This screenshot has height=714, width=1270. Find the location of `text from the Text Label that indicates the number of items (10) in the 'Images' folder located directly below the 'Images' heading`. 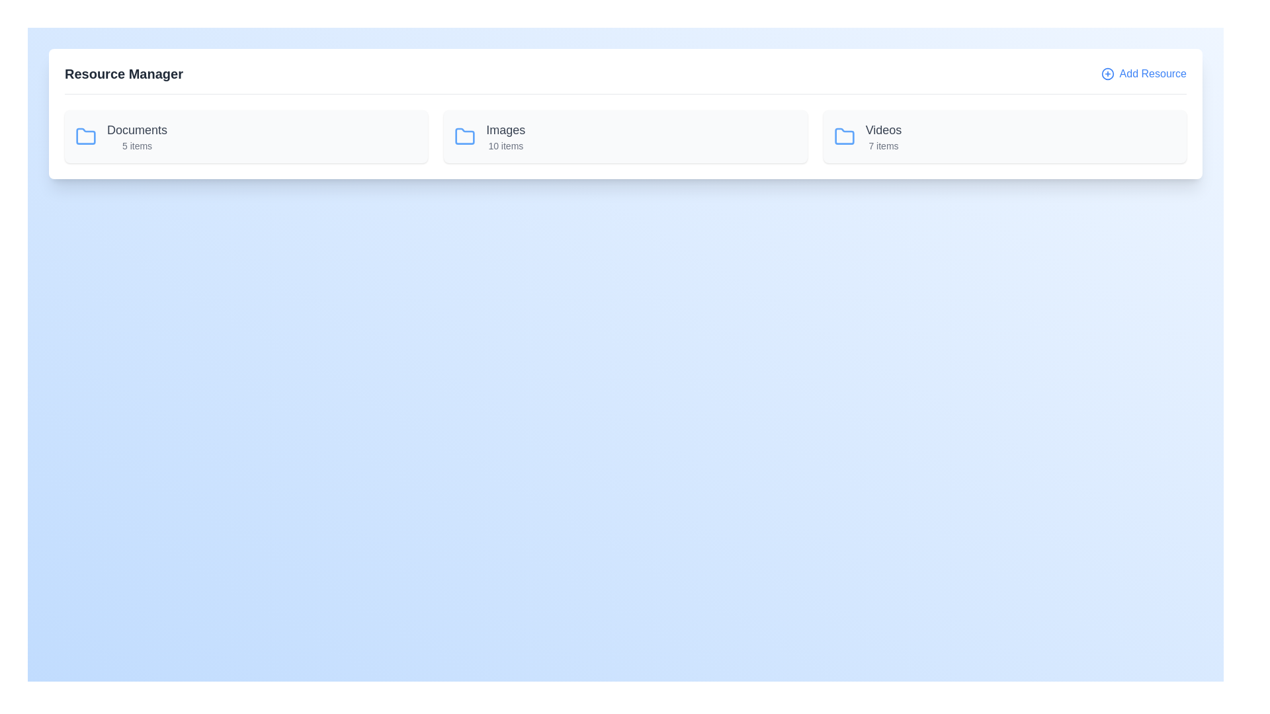

text from the Text Label that indicates the number of items (10) in the 'Images' folder located directly below the 'Images' heading is located at coordinates (505, 145).